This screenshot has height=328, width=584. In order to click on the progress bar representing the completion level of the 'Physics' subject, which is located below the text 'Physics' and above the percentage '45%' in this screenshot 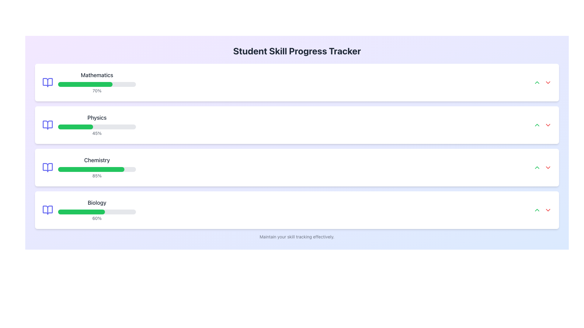, I will do `click(96, 126)`.